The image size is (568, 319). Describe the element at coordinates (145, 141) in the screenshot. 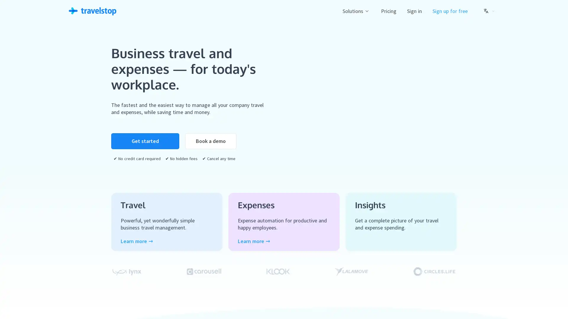

I see `Get started` at that location.